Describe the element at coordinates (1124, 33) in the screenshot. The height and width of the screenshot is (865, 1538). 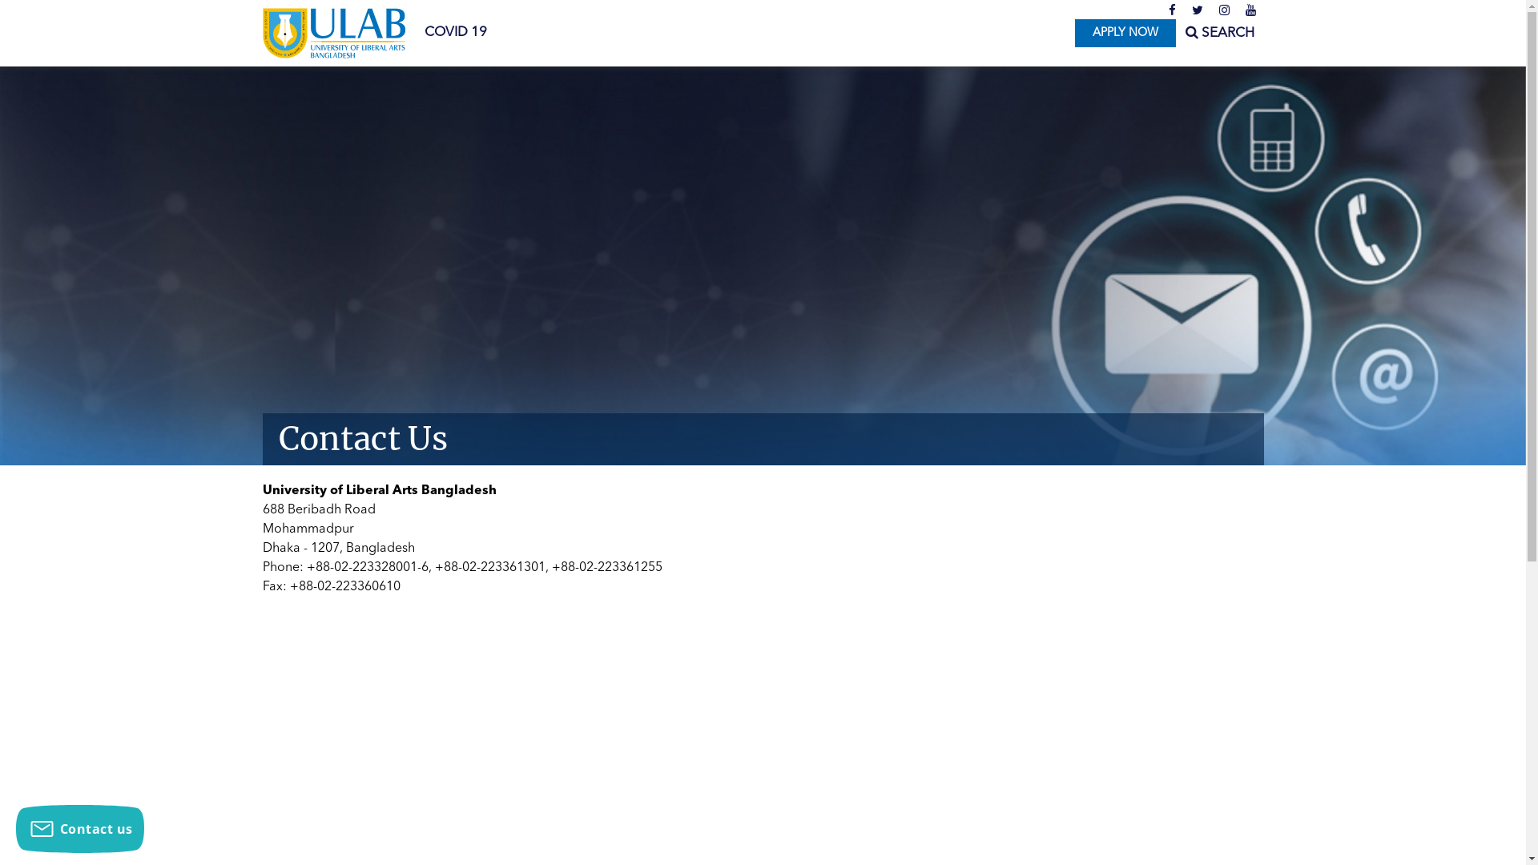
I see `'APPLY NOW'` at that location.